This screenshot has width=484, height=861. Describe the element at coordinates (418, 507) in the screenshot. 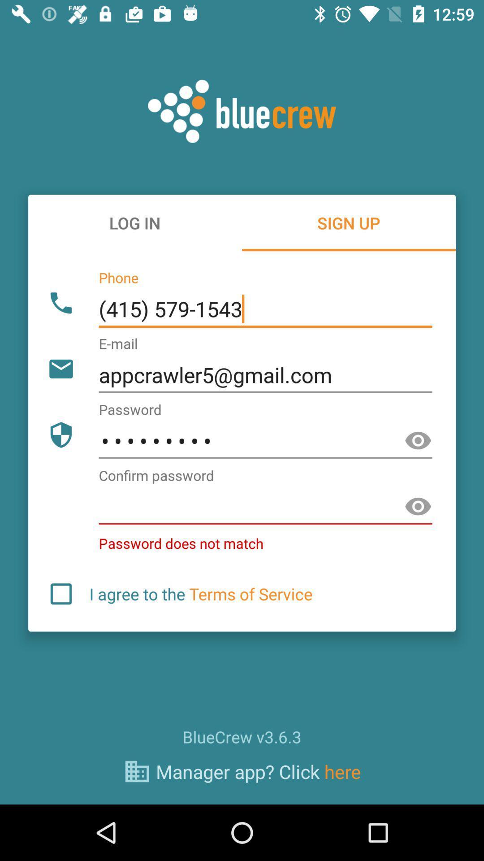

I see `password page` at that location.